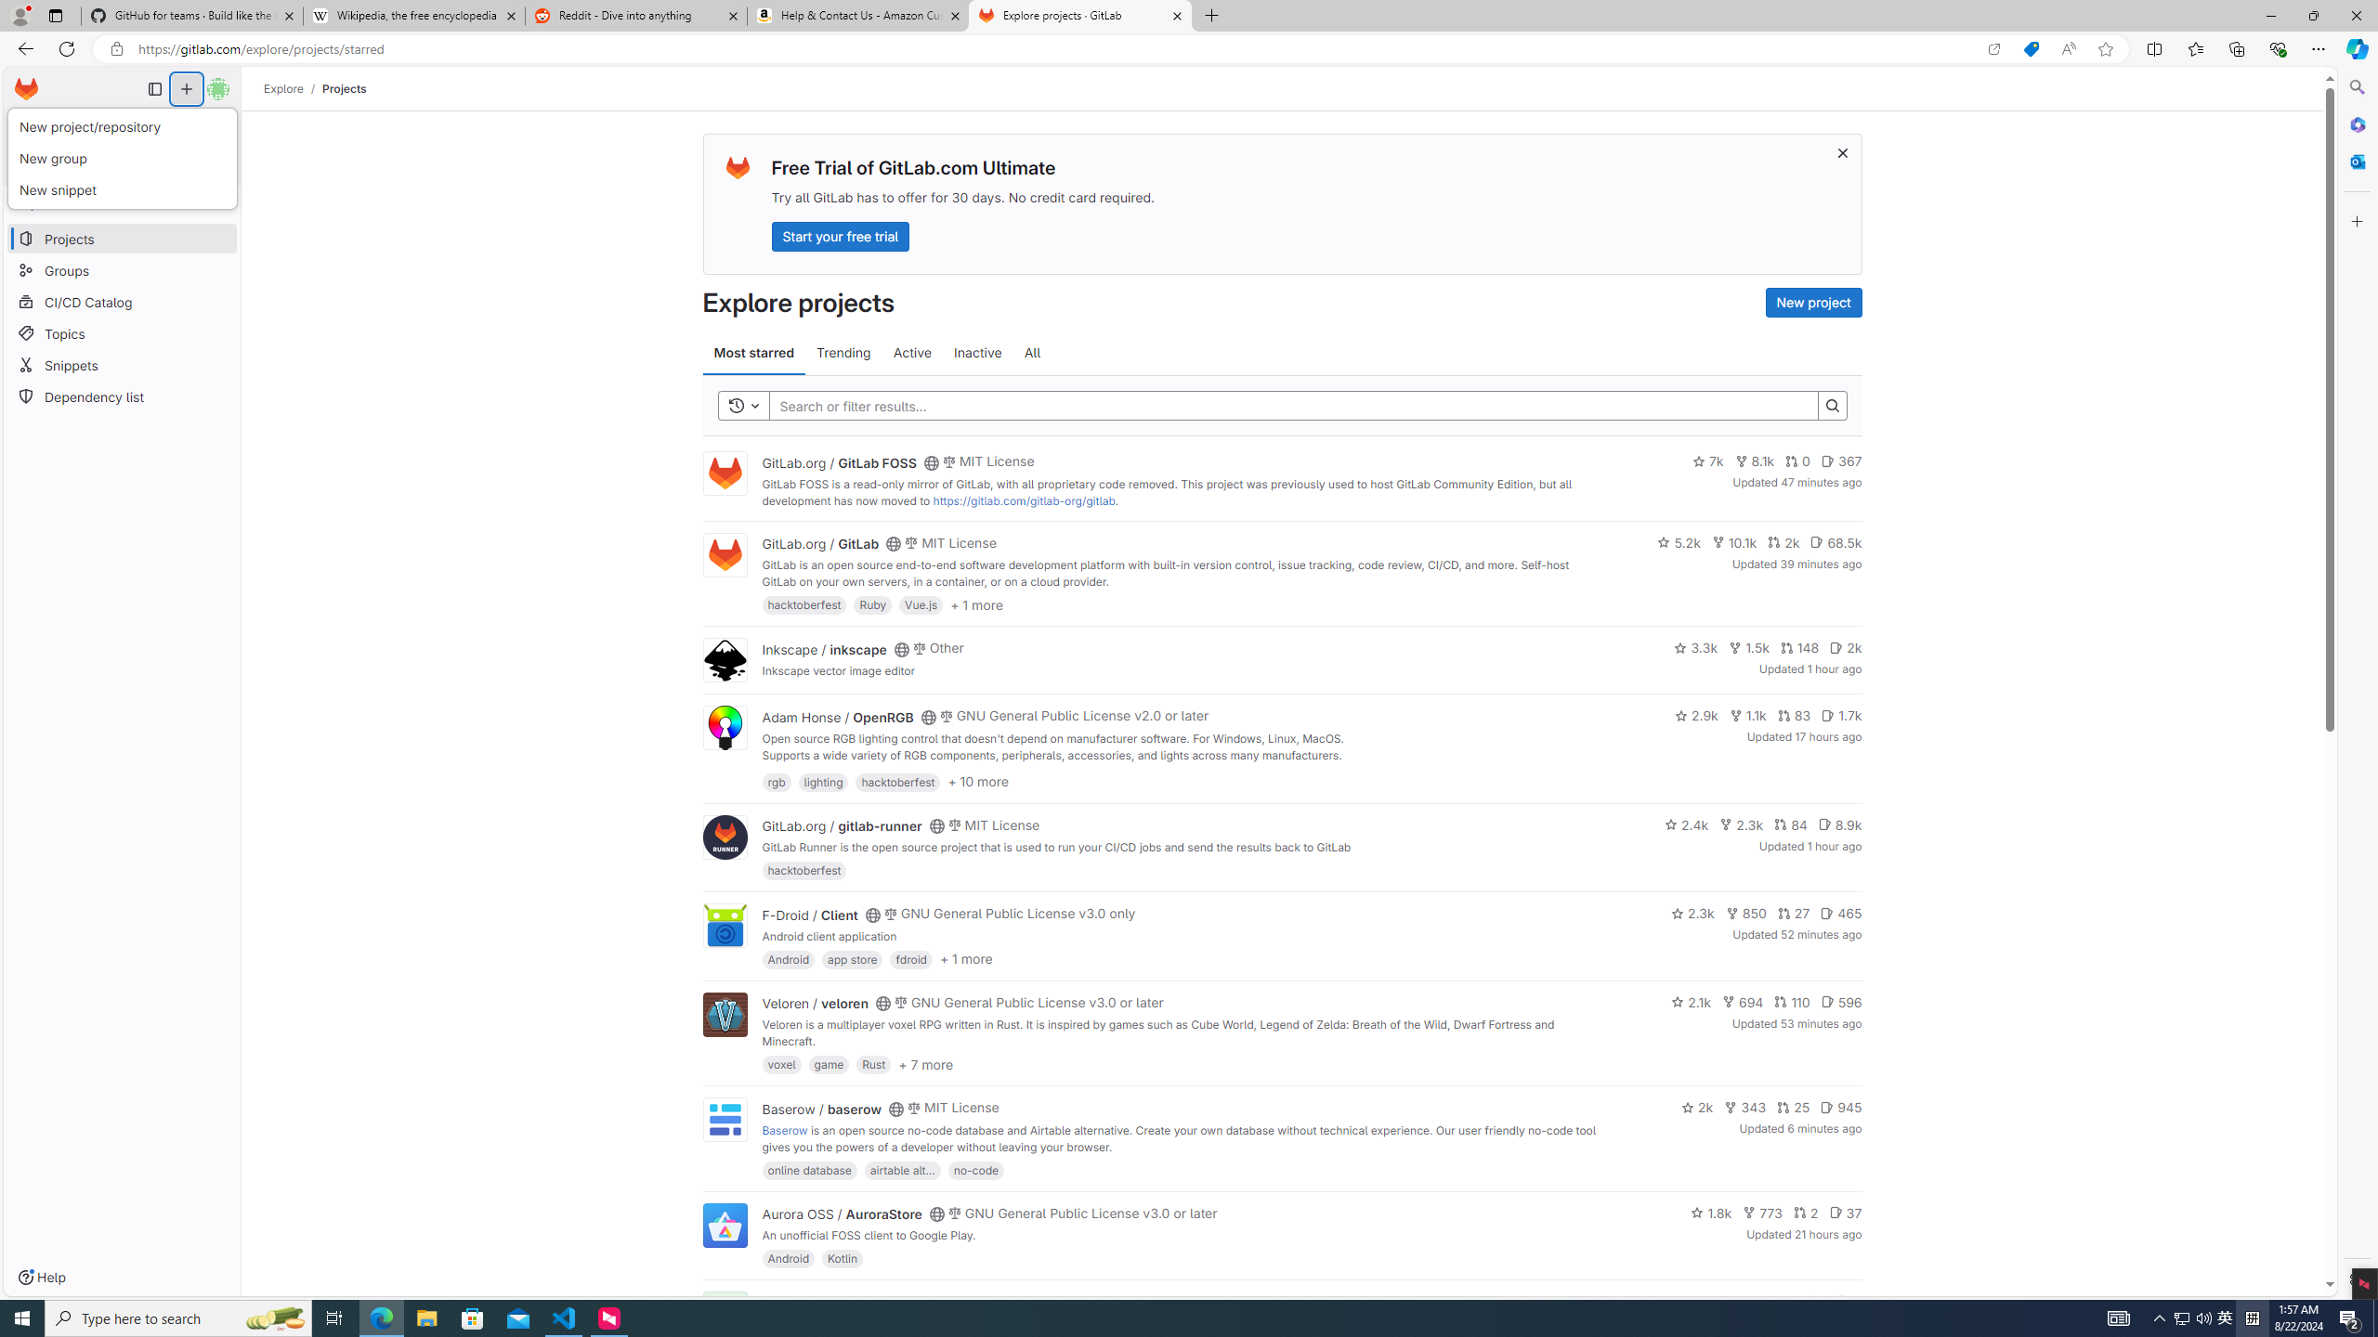 The width and height of the screenshot is (2378, 1337). Describe the element at coordinates (977, 780) in the screenshot. I see `'+ 10 more'` at that location.